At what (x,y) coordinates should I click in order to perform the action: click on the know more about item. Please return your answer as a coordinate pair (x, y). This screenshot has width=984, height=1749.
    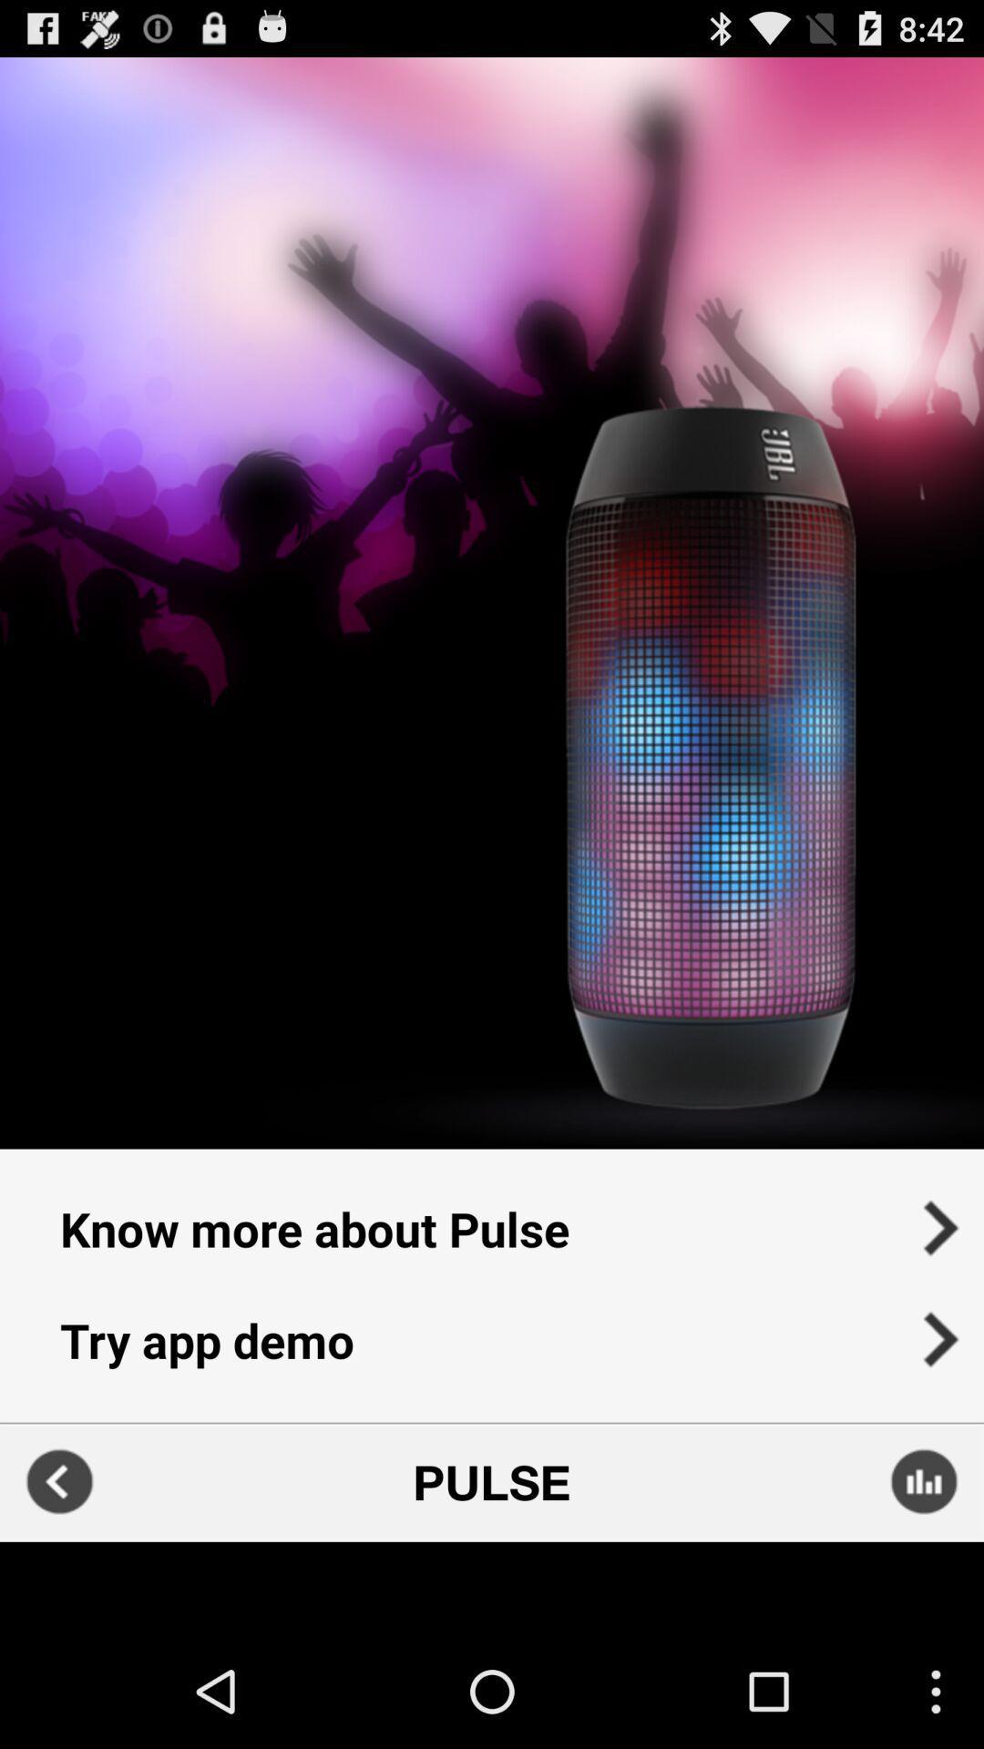
    Looking at the image, I should click on (492, 1216).